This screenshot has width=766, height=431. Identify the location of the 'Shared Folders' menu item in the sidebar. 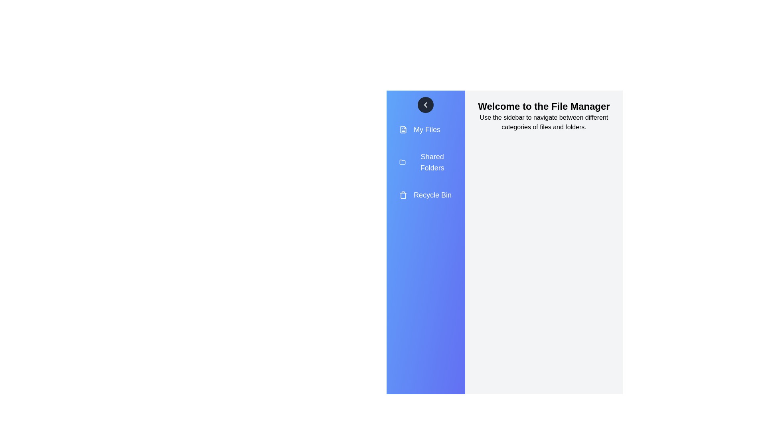
(425, 162).